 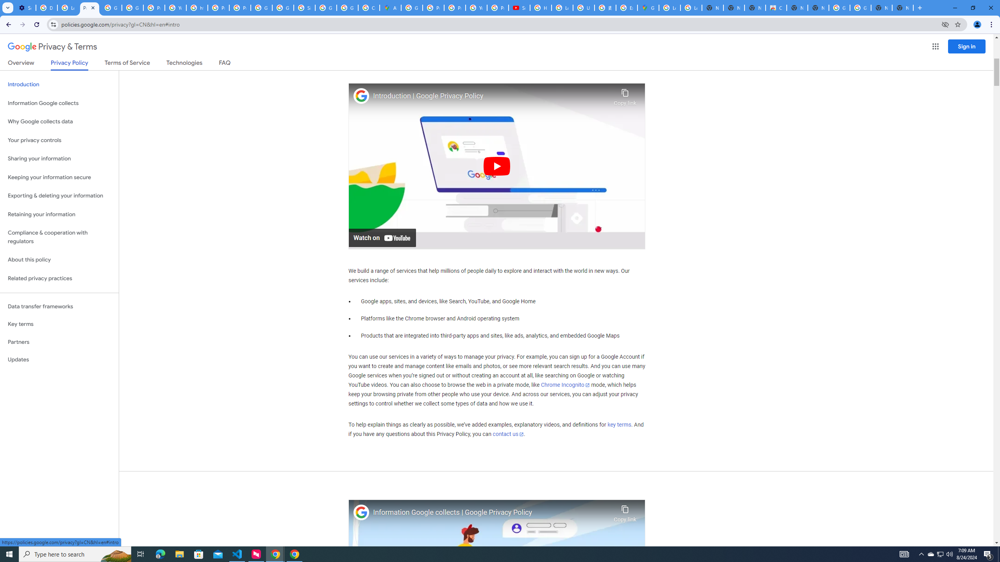 I want to click on 'Sign in', so click(x=966, y=46).